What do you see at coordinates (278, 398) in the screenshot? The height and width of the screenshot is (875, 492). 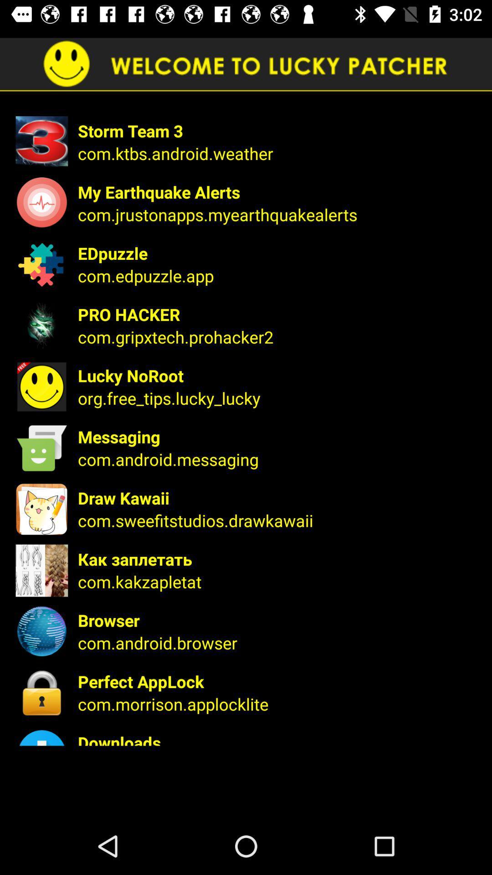 I see `the app below lucky noroot icon` at bounding box center [278, 398].